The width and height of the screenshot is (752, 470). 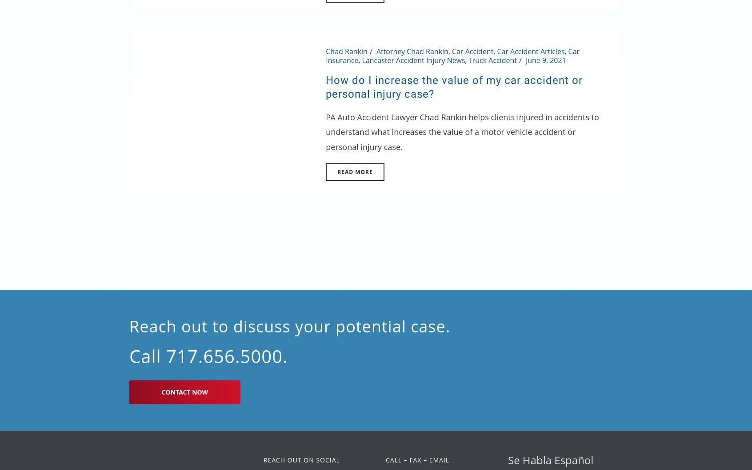 I want to click on 'Attorney Chad Rankin', so click(x=412, y=51).